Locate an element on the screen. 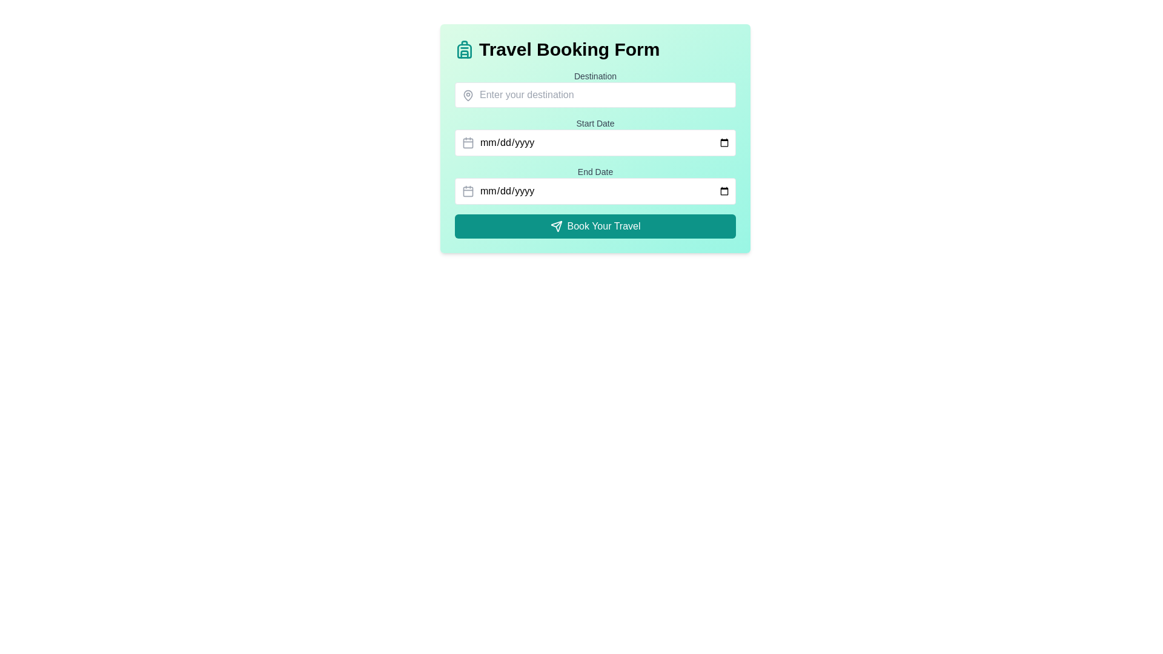 Image resolution: width=1163 pixels, height=654 pixels. the SVG graphic representing the calendar icon adjacent to the 'End Date' text field is located at coordinates (467, 191).